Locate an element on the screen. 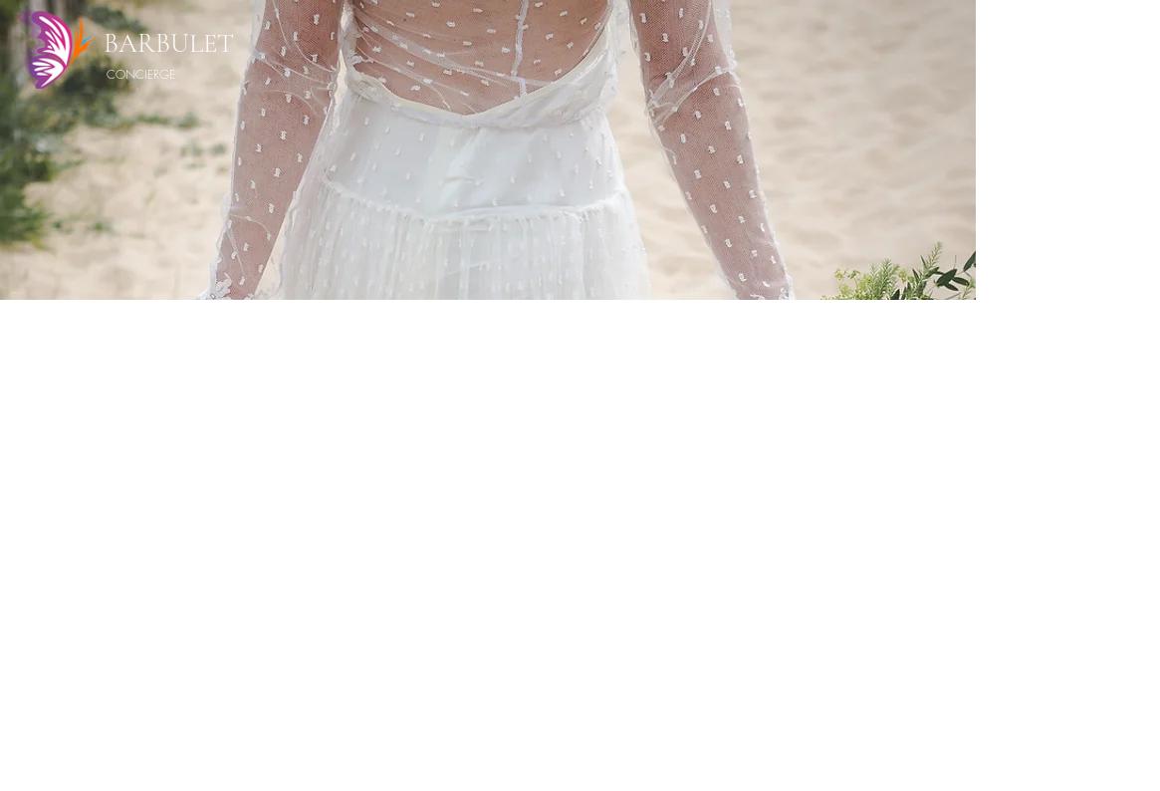 The image size is (1160, 791). 'Decorations & Florist' is located at coordinates (623, 567).